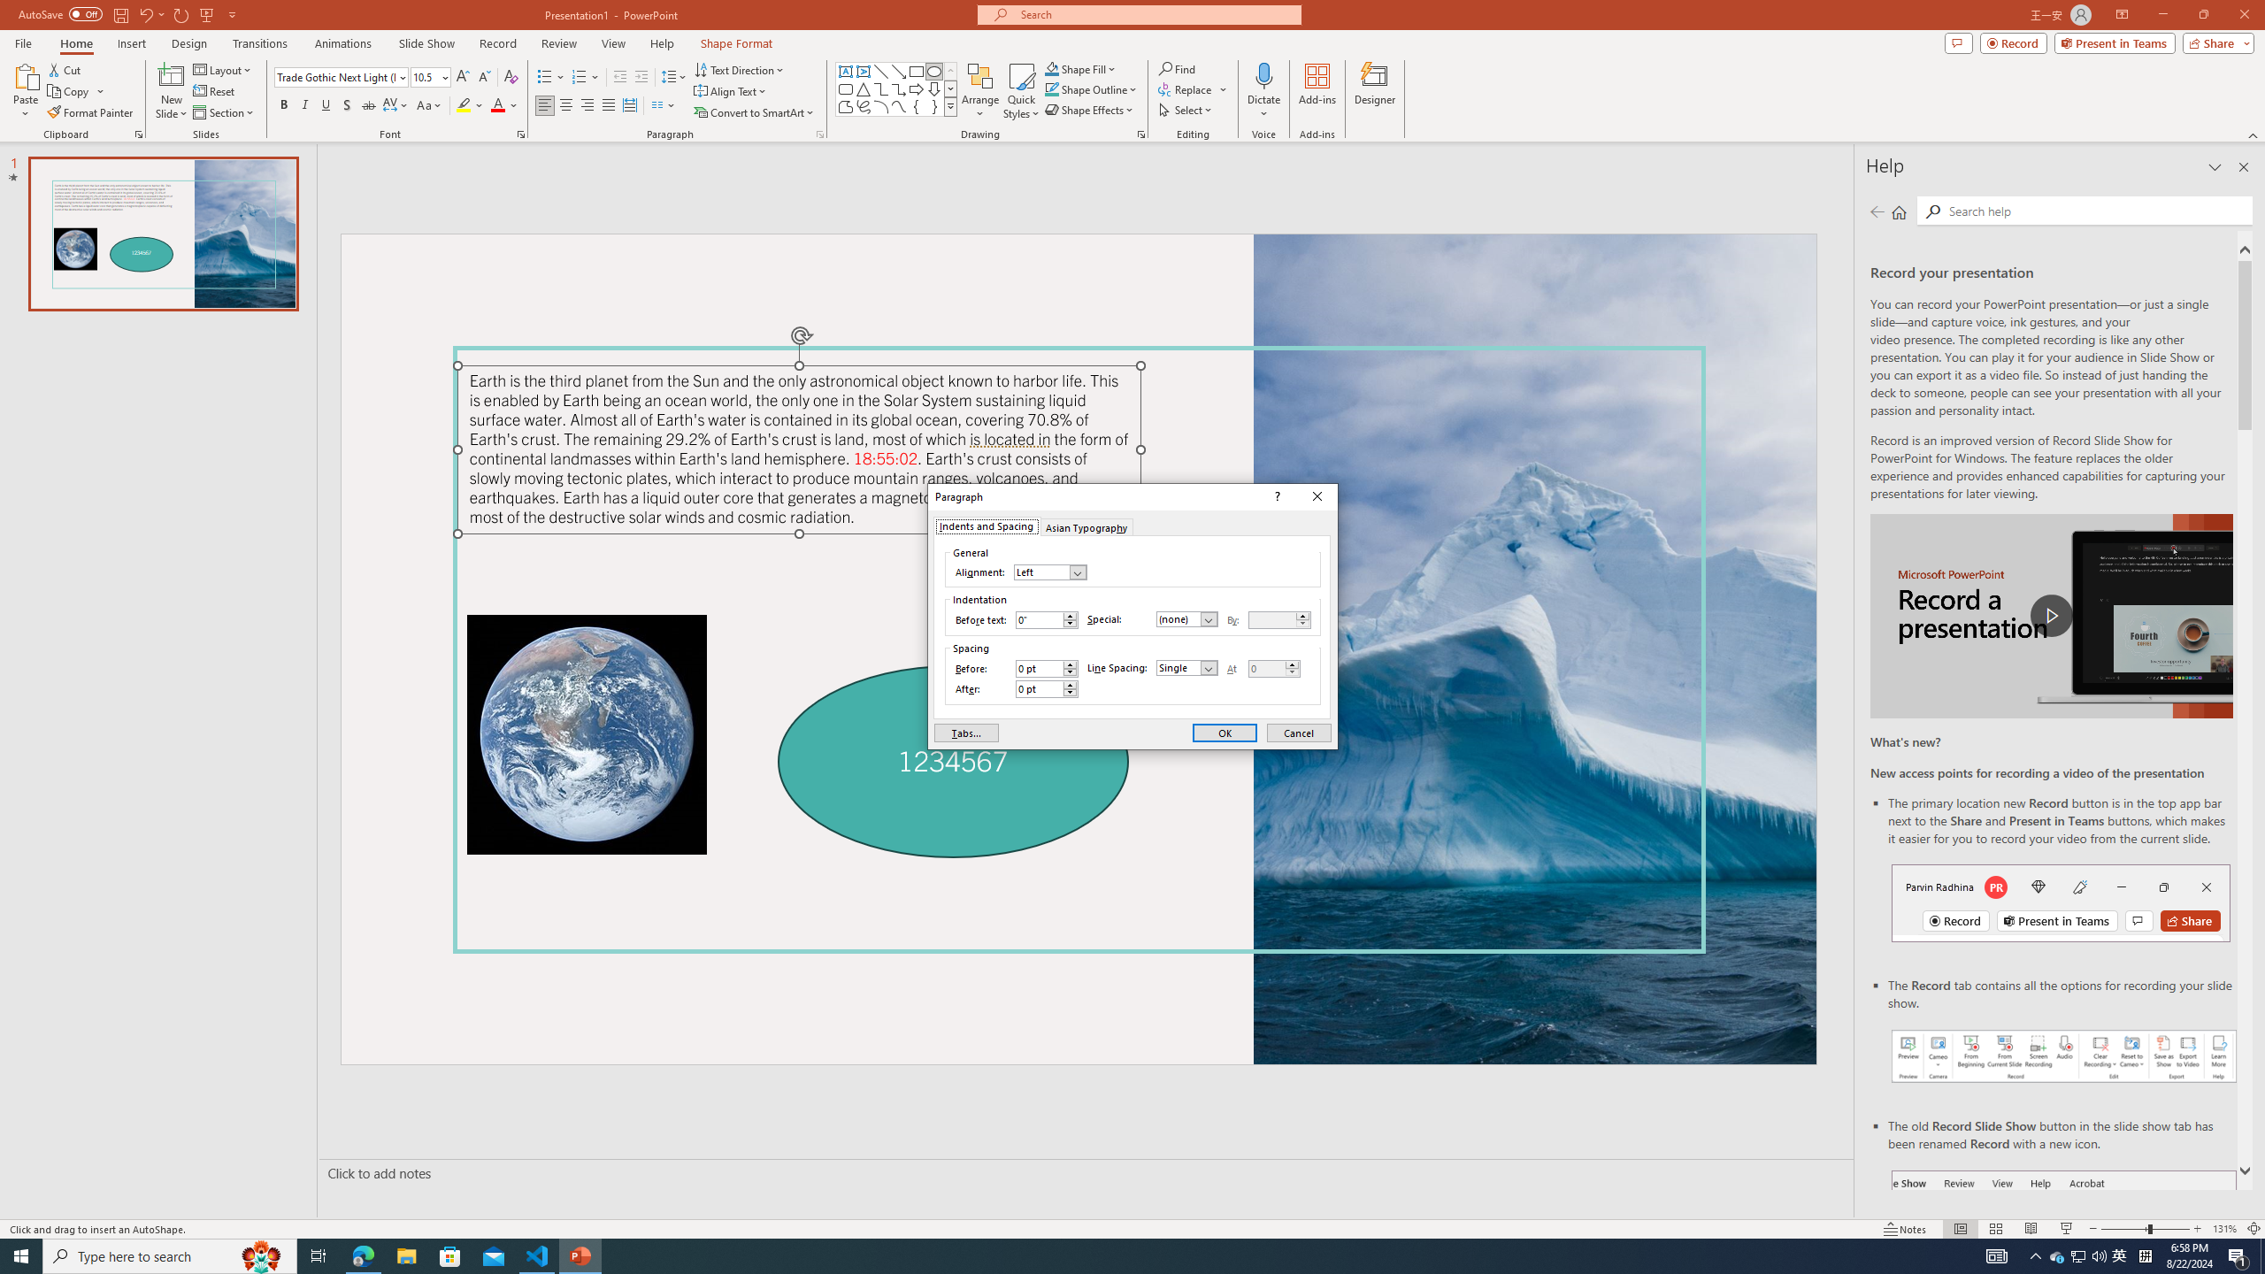 This screenshot has height=1274, width=2265. Describe the element at coordinates (1186, 618) in the screenshot. I see `'Special'` at that location.